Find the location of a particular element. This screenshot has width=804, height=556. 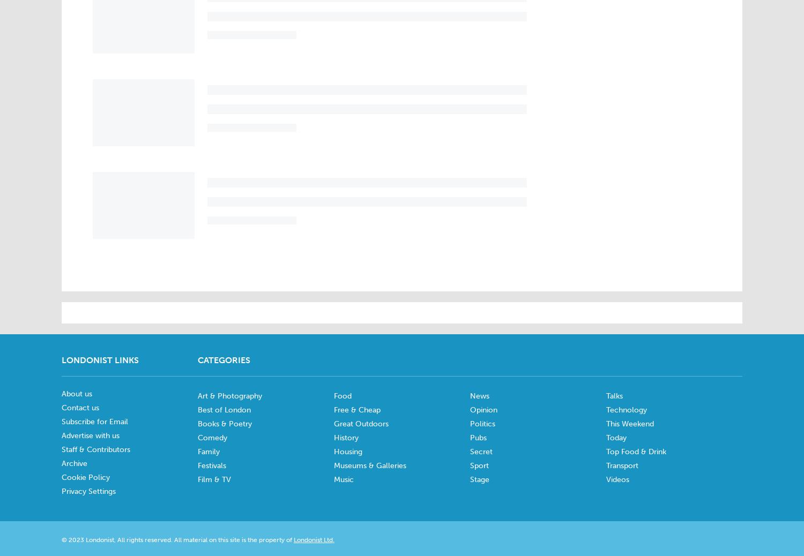

'Subscribe for Email' is located at coordinates (95, 422).